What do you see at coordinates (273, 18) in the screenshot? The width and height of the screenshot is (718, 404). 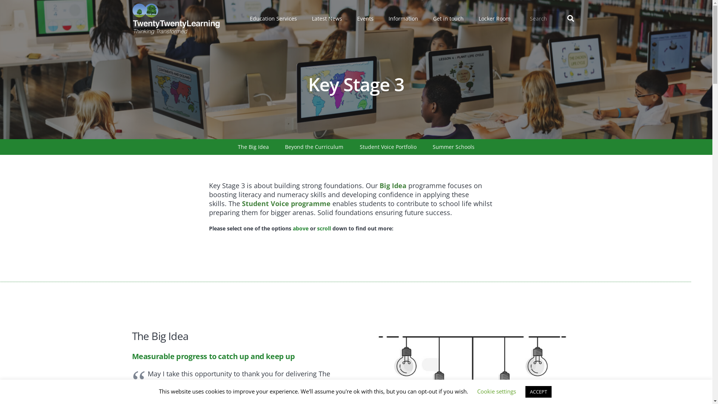 I see `'Education Services'` at bounding box center [273, 18].